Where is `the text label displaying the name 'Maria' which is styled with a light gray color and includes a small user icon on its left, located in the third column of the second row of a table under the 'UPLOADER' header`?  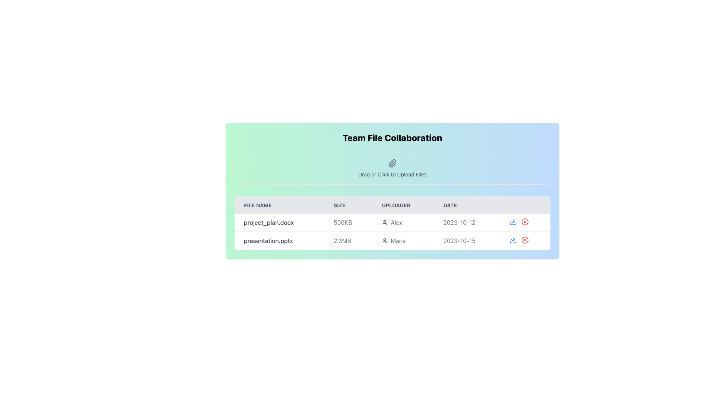
the text label displaying the name 'Maria' which is styled with a light gray color and includes a small user icon on its left, located in the third column of the second row of a table under the 'UPLOADER' header is located at coordinates (403, 241).